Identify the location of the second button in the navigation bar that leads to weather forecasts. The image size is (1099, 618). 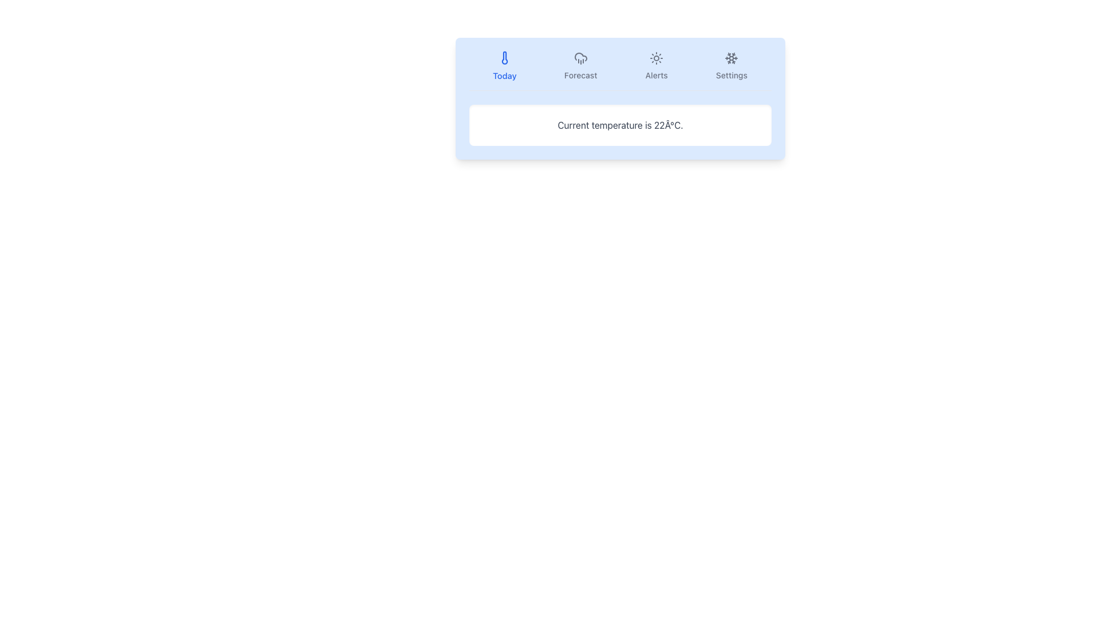
(580, 66).